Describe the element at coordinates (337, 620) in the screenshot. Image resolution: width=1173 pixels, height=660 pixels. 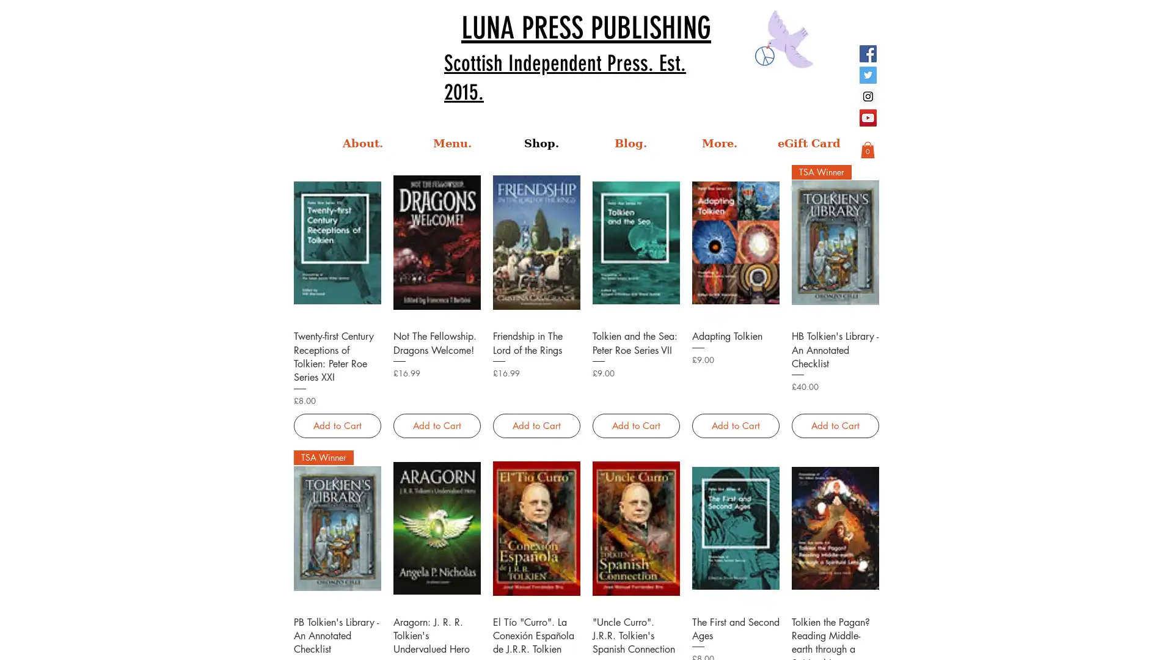
I see `Quick View` at that location.